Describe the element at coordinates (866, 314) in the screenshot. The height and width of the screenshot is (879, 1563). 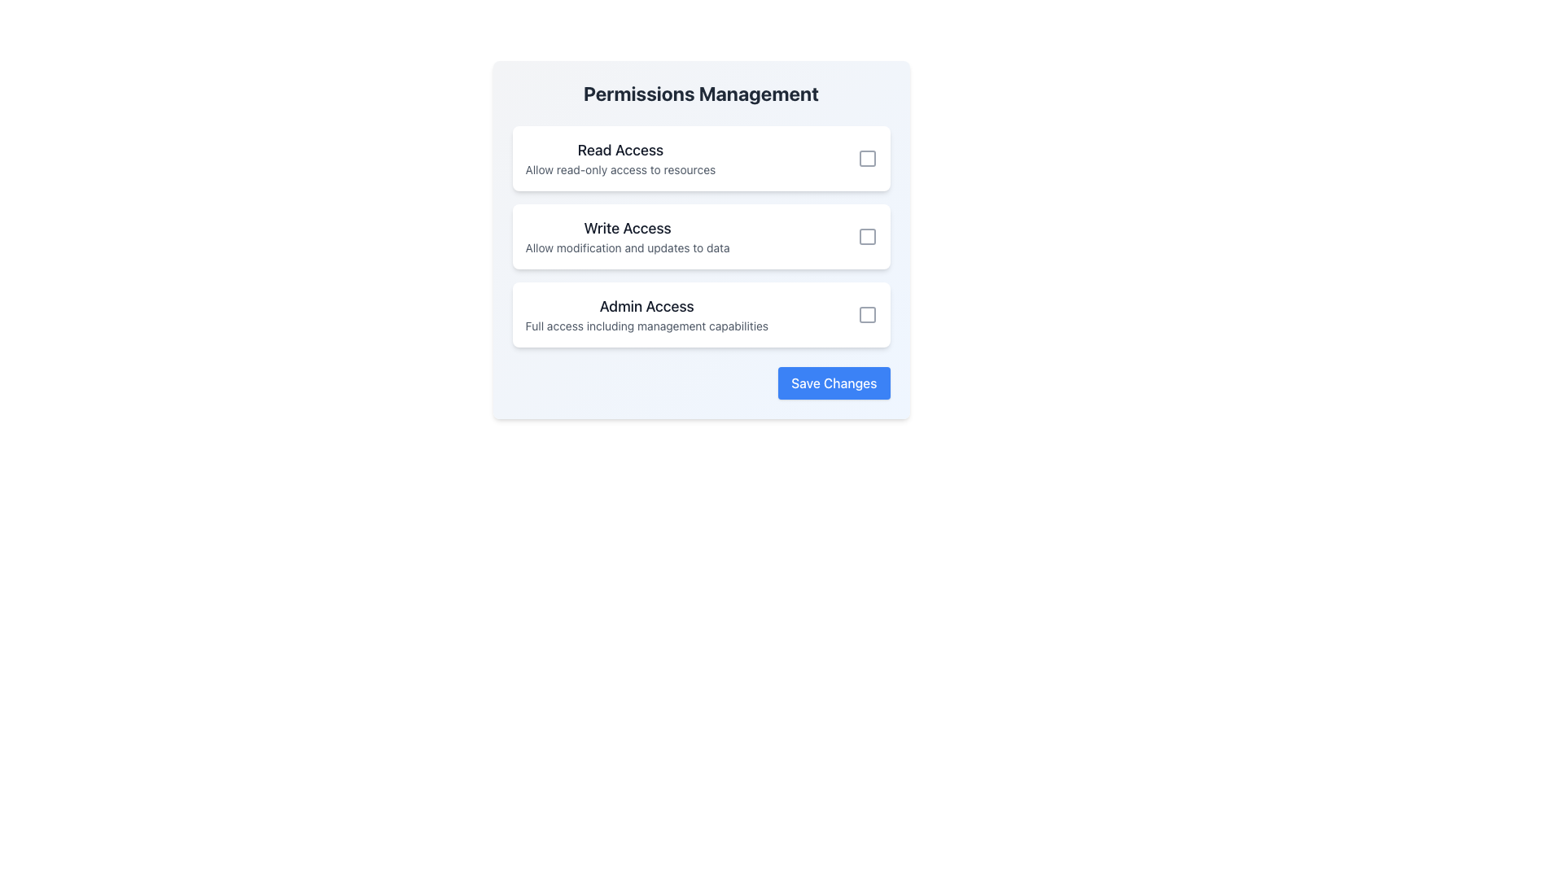
I see `the checkbox for Admin Access permission located in the Permissions Management section` at that location.